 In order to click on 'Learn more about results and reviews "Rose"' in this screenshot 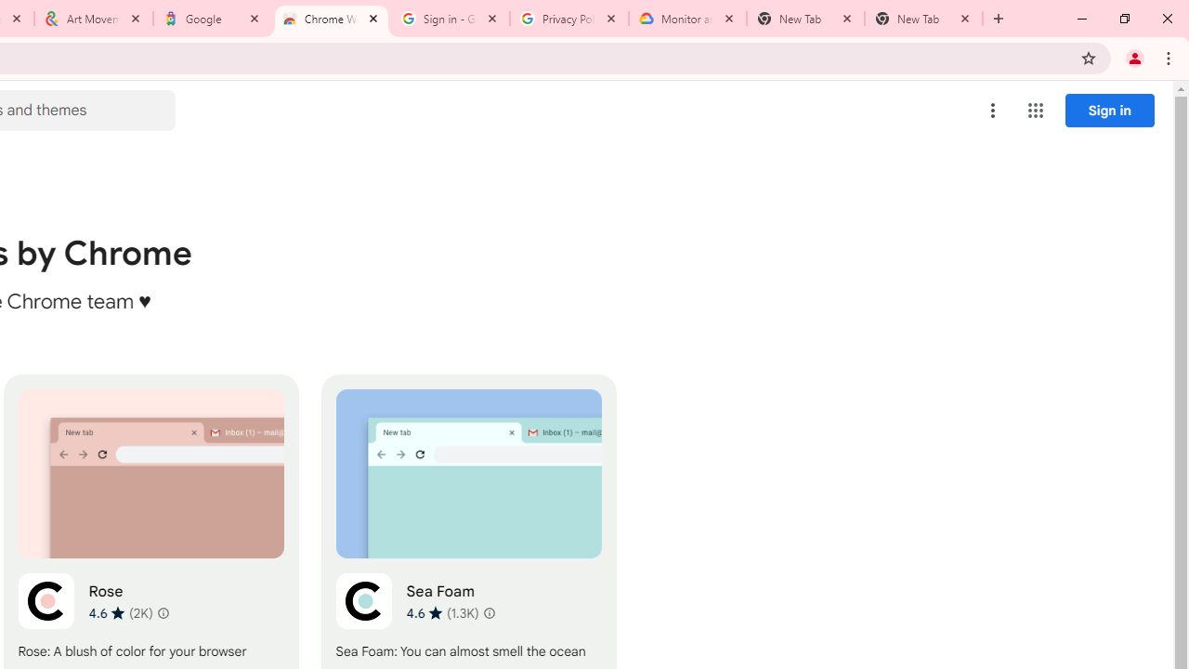, I will do `click(163, 612)`.